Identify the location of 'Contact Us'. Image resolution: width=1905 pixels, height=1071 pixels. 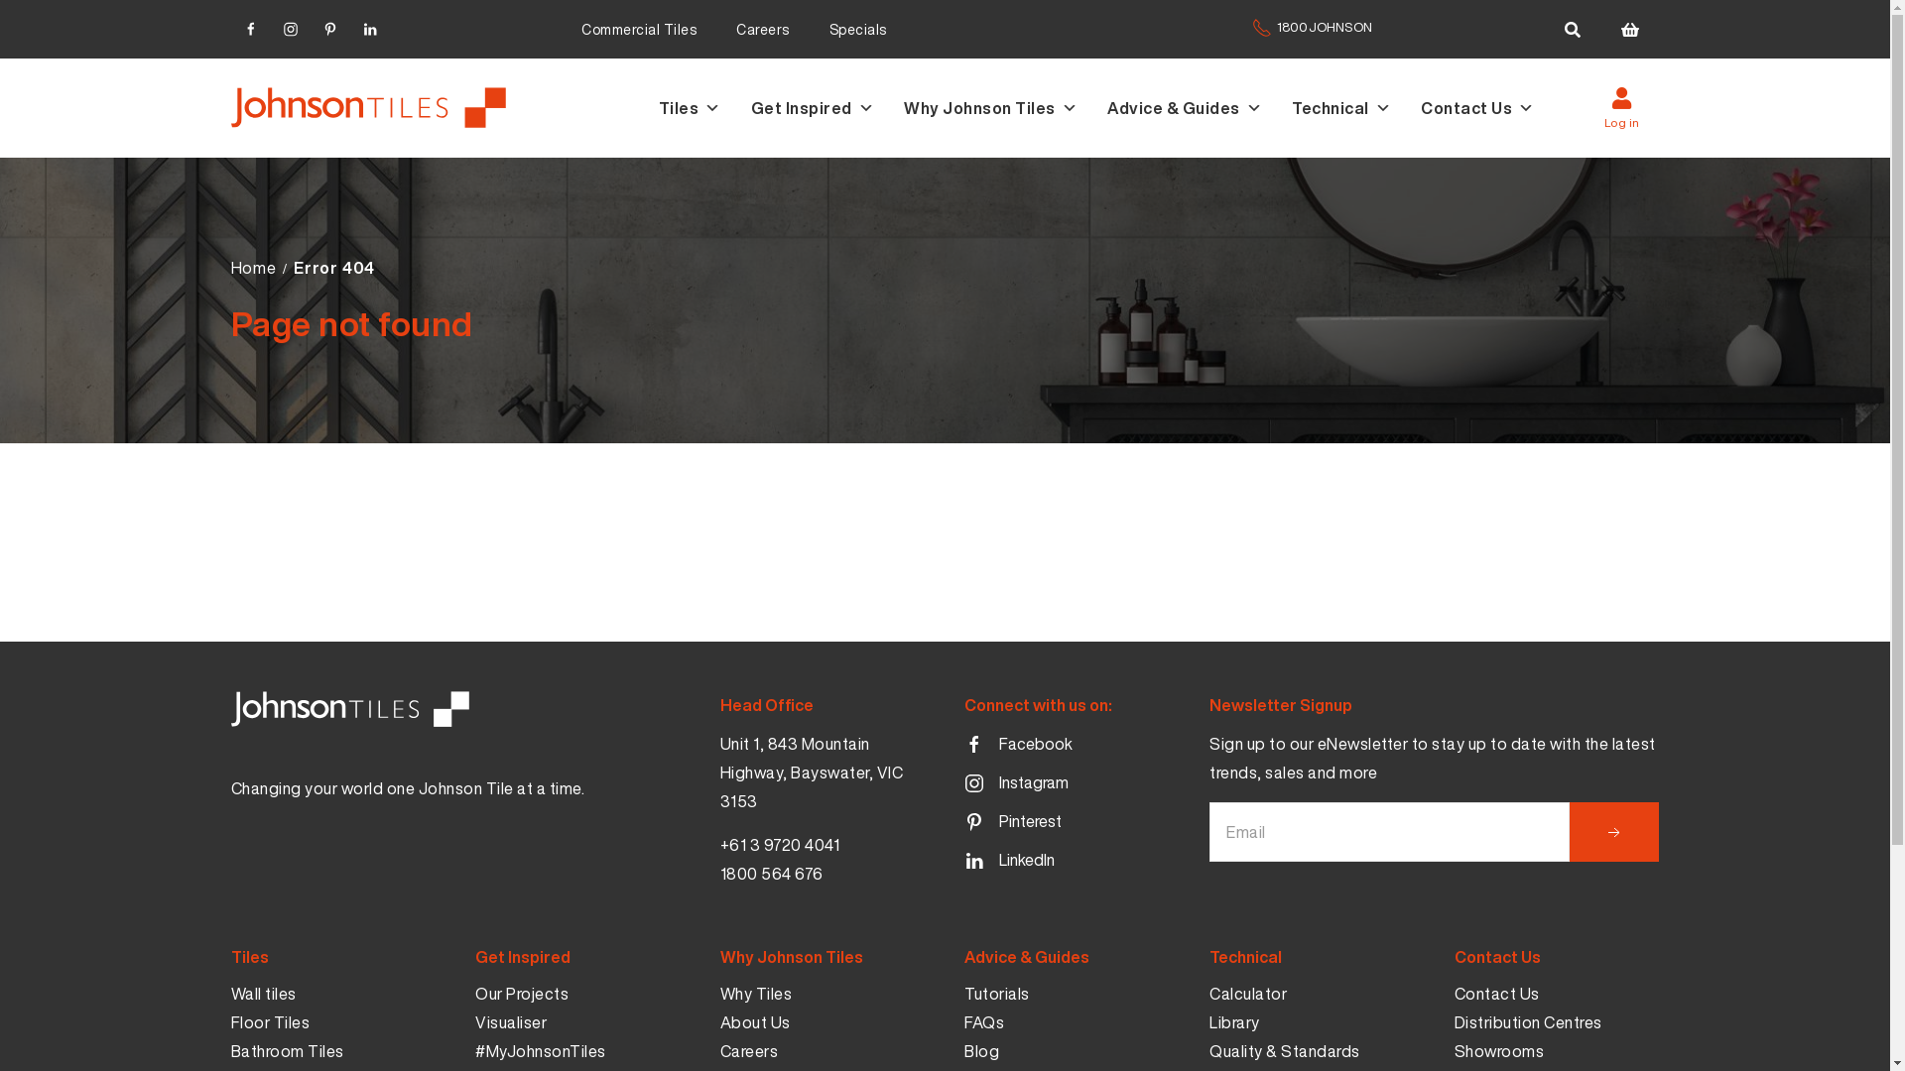
(1496, 994).